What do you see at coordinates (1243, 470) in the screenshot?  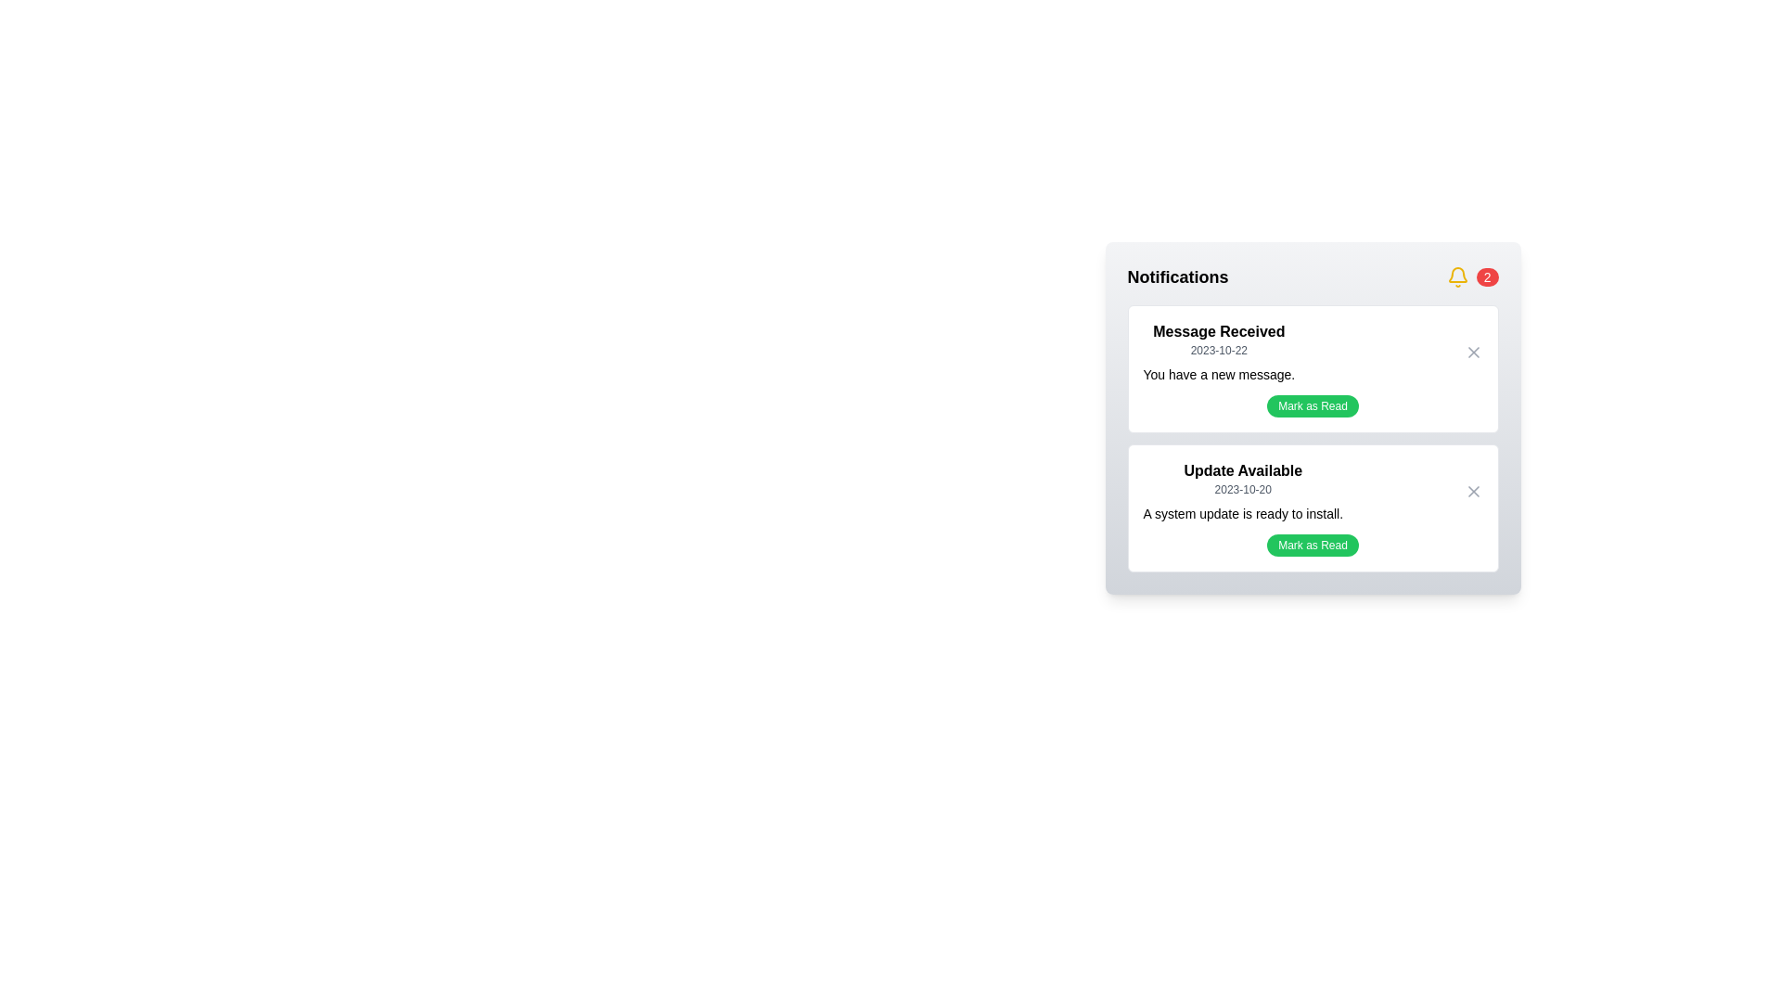 I see `bold text label that says 'Update Available', which is the title of the second notification card in the vertically stacked list` at bounding box center [1243, 470].